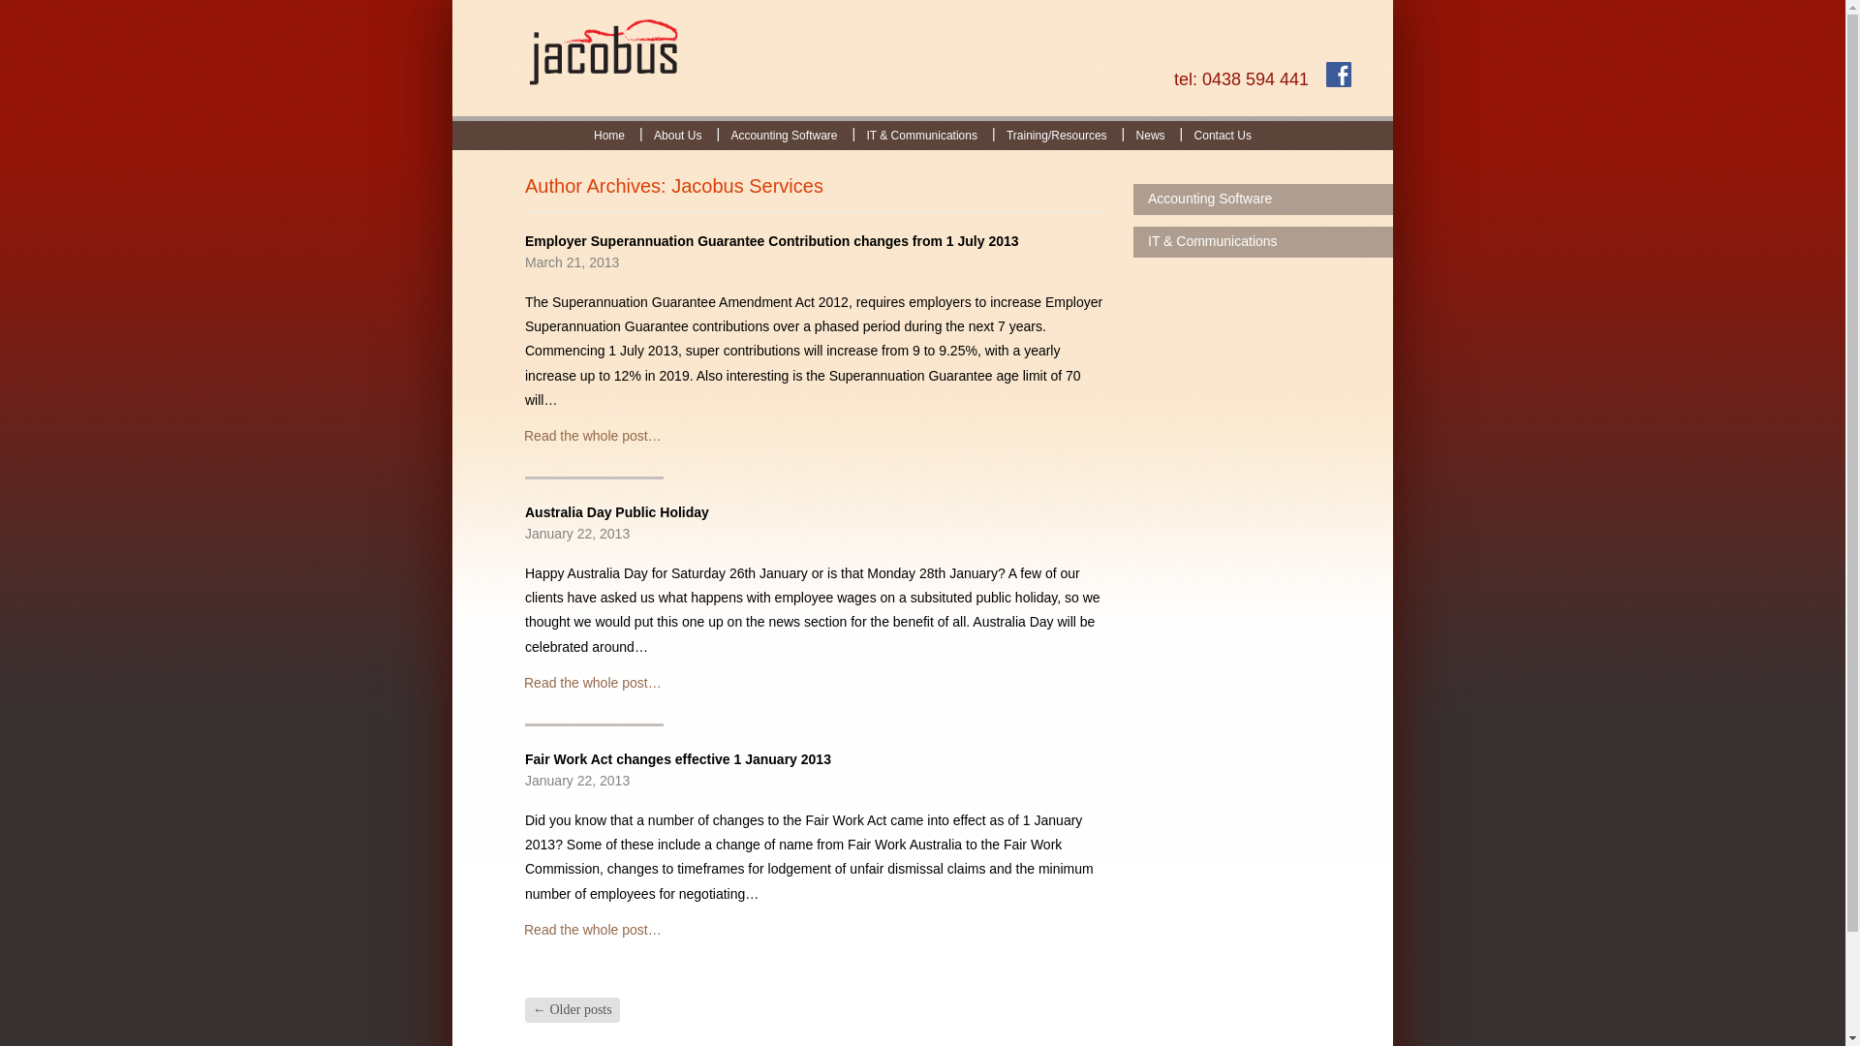  I want to click on 'News', so click(1121, 134).